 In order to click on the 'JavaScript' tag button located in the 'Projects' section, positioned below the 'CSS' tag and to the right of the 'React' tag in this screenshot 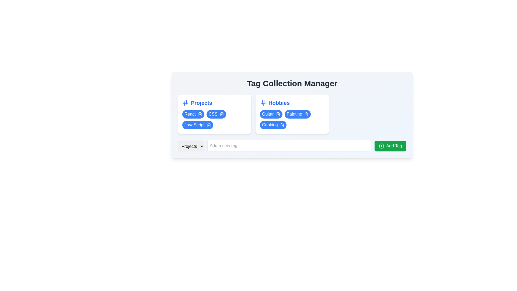, I will do `click(197, 125)`.